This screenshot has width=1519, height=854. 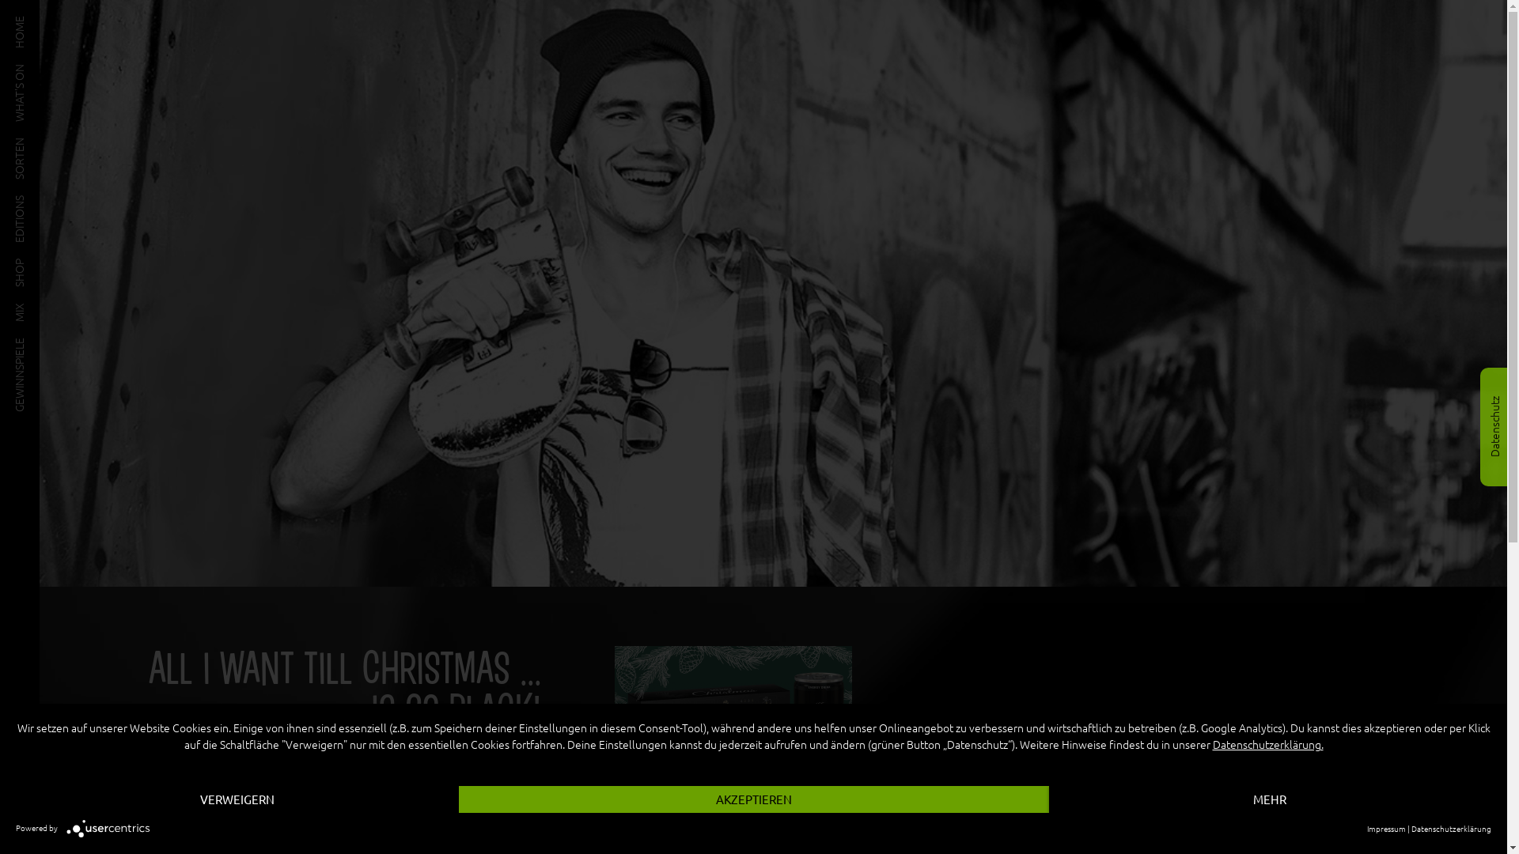 What do you see at coordinates (38, 200) in the screenshot?
I see `'EDITIONS'` at bounding box center [38, 200].